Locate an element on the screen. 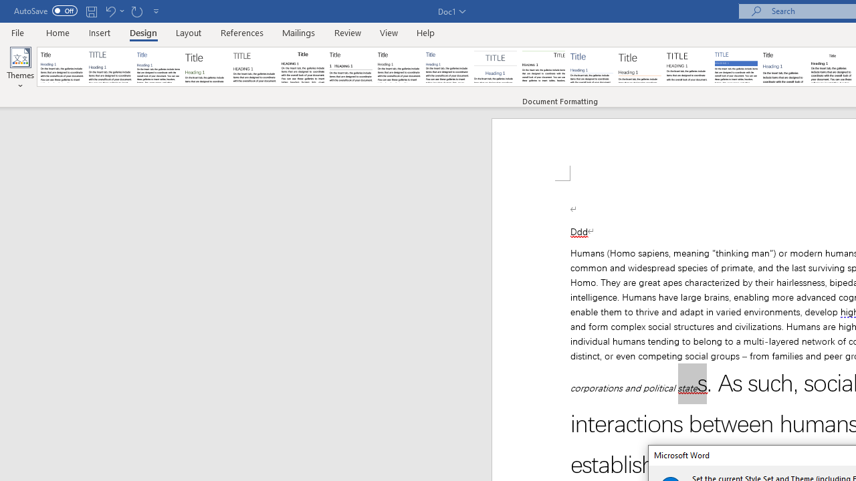 This screenshot has width=856, height=481. 'Lines (Simple)' is located at coordinates (591, 67).